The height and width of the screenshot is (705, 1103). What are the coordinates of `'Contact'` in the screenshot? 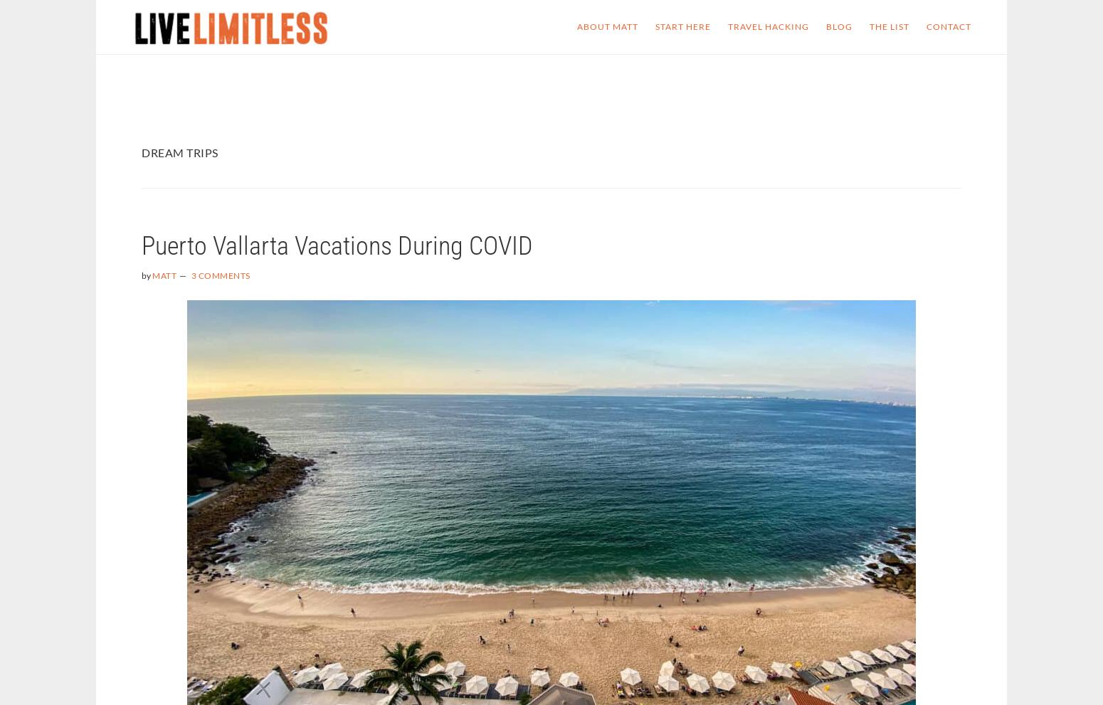 It's located at (949, 26).